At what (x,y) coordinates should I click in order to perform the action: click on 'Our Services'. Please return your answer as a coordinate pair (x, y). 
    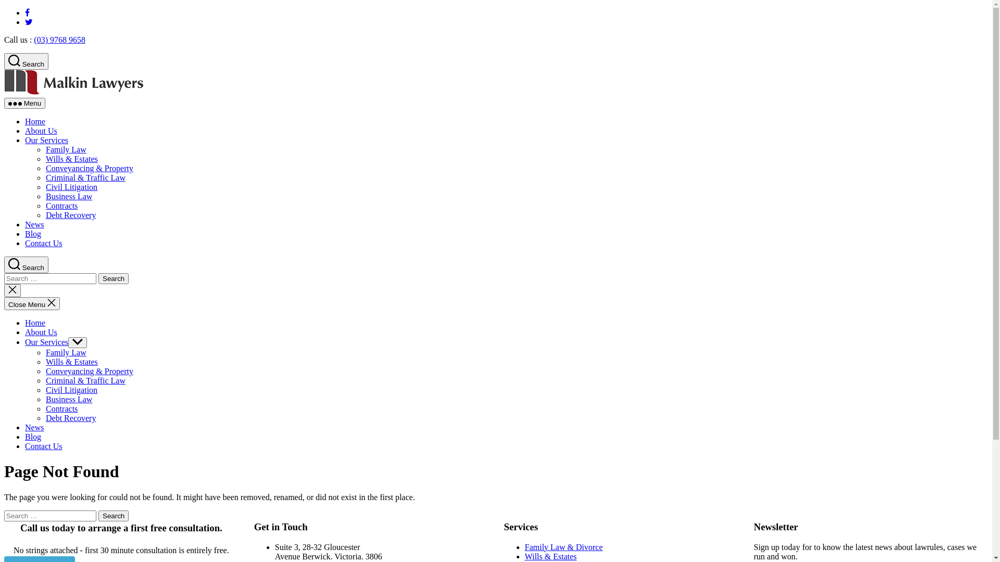
    Looking at the image, I should click on (46, 139).